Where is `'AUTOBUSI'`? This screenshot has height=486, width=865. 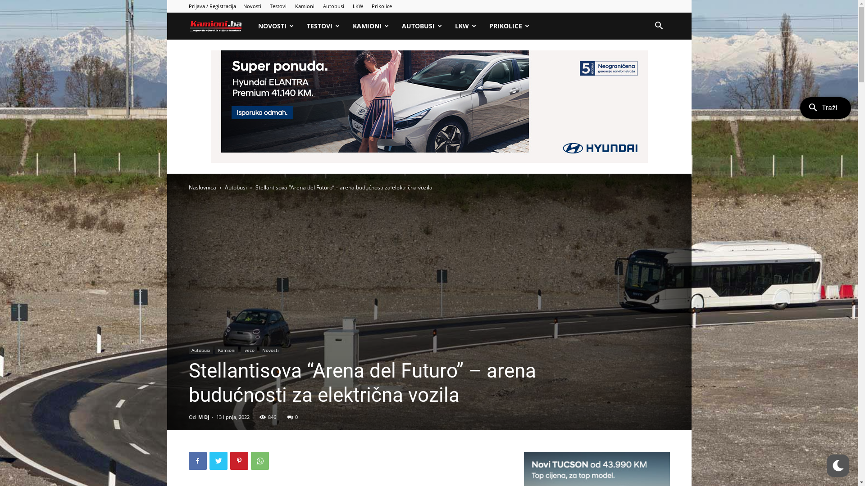 'AUTOBUSI' is located at coordinates (421, 25).